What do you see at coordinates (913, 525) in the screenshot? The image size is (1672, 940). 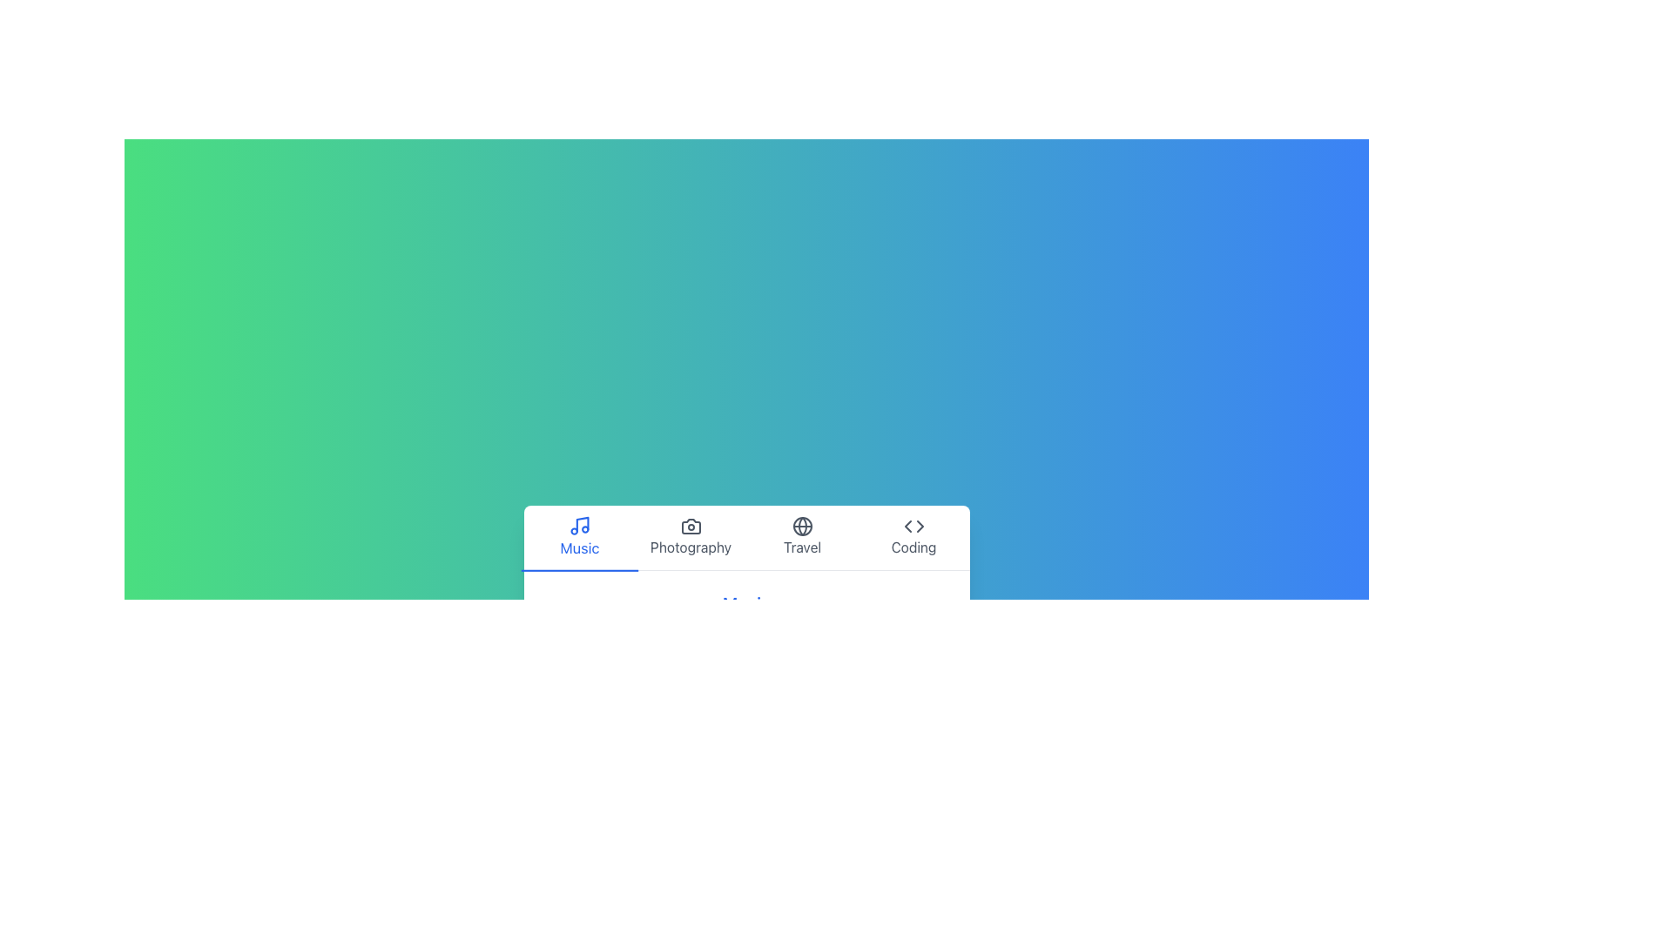 I see `the 'Coding' icon located in the top section of the 'Coding' card, which is the fourth item in a horizontally arranged menu of cards labeled 'Music,' 'Photography,' 'Travel,' and 'Coding'` at bounding box center [913, 525].